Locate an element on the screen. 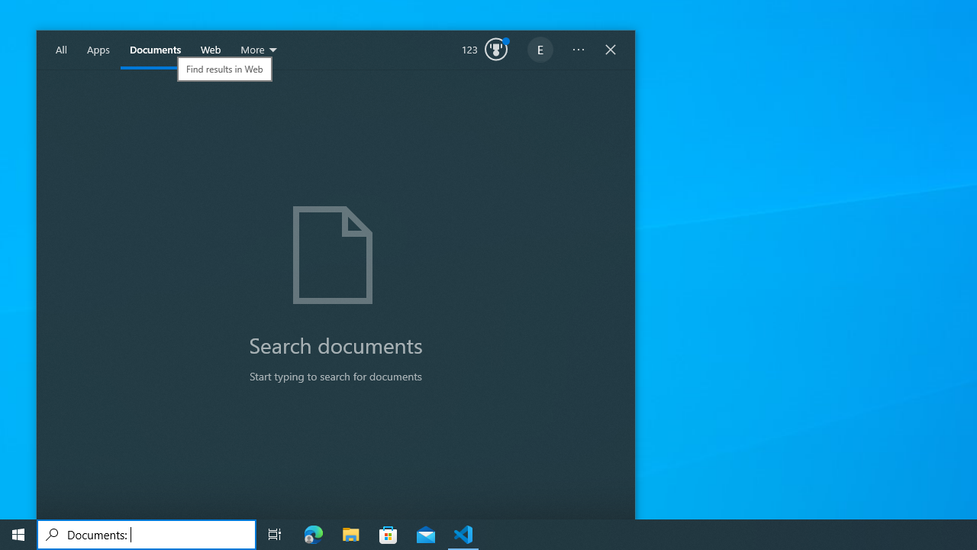  'Start' is located at coordinates (18, 533).